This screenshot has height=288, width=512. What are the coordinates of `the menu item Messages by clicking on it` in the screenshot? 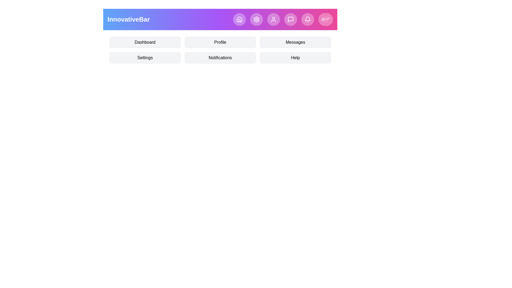 It's located at (295, 42).